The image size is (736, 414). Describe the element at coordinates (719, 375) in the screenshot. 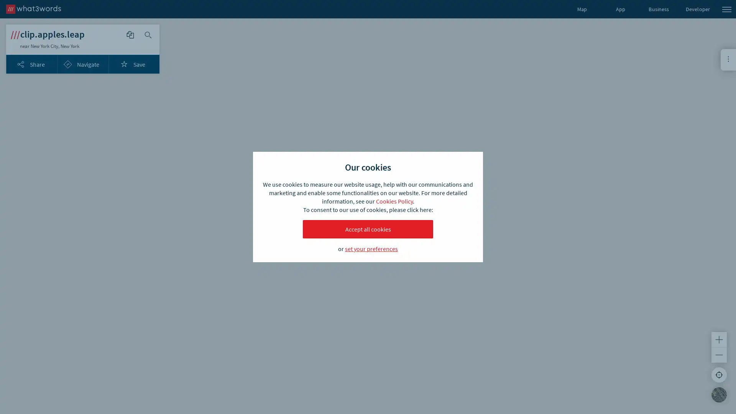

I see `Current location` at that location.